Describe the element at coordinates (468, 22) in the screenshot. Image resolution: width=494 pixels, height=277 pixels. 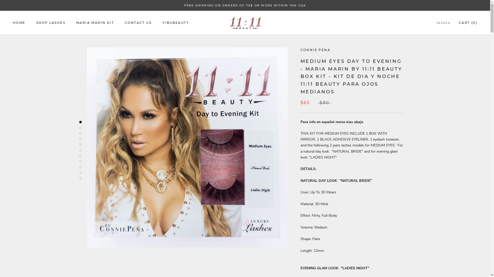
I see `'CART (0)'` at that location.